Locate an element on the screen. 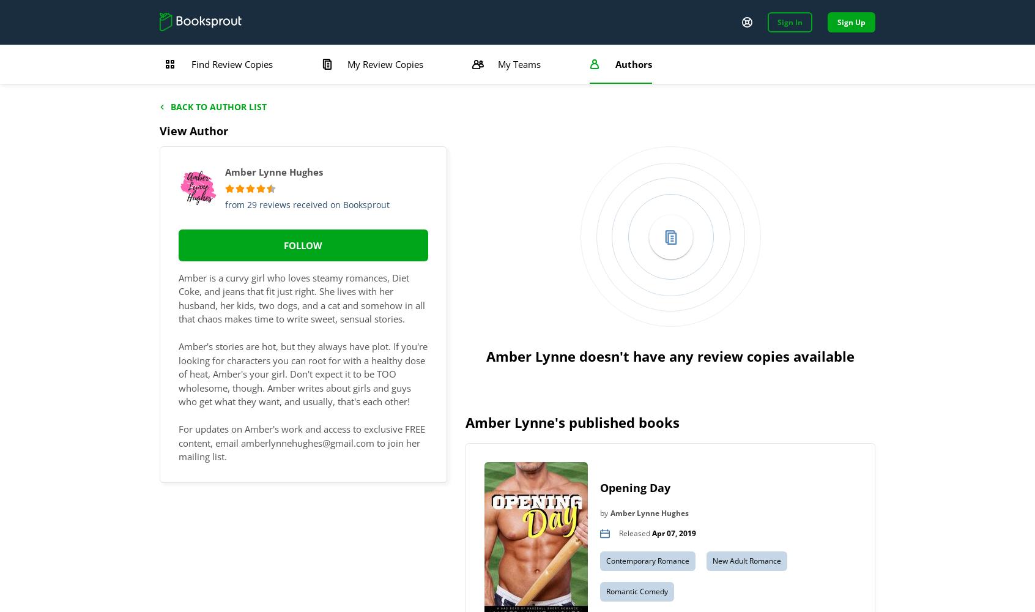 Image resolution: width=1035 pixels, height=612 pixels. 'Released' is located at coordinates (635, 532).